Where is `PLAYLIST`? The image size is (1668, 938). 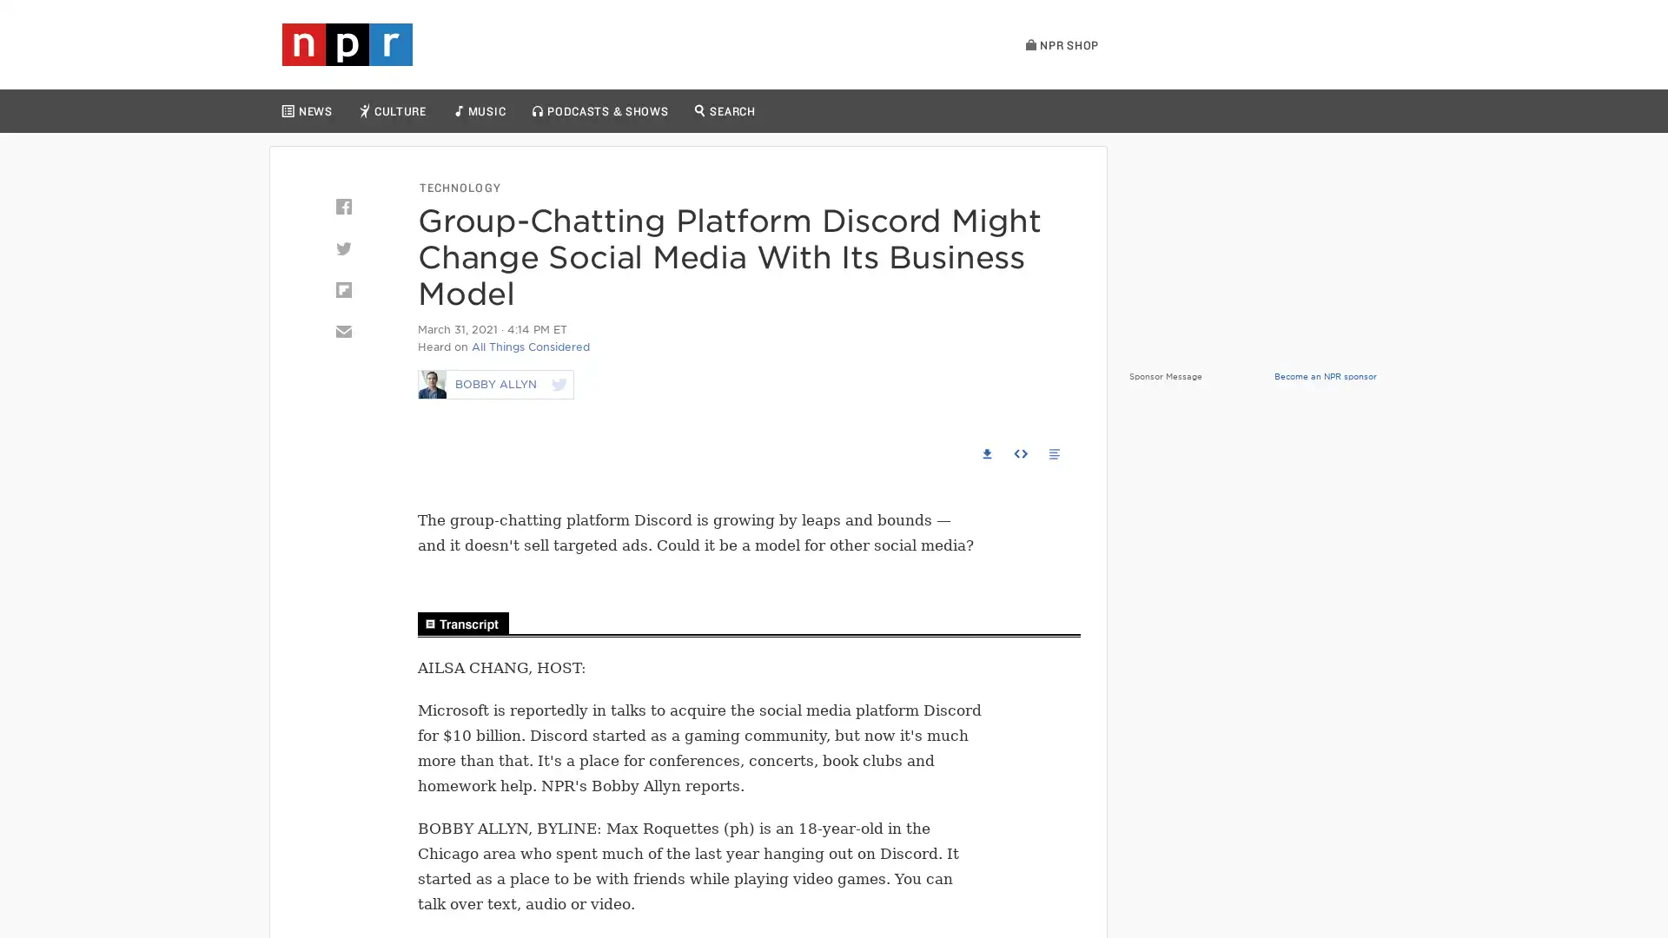 PLAYLIST is located at coordinates (1343, 111).